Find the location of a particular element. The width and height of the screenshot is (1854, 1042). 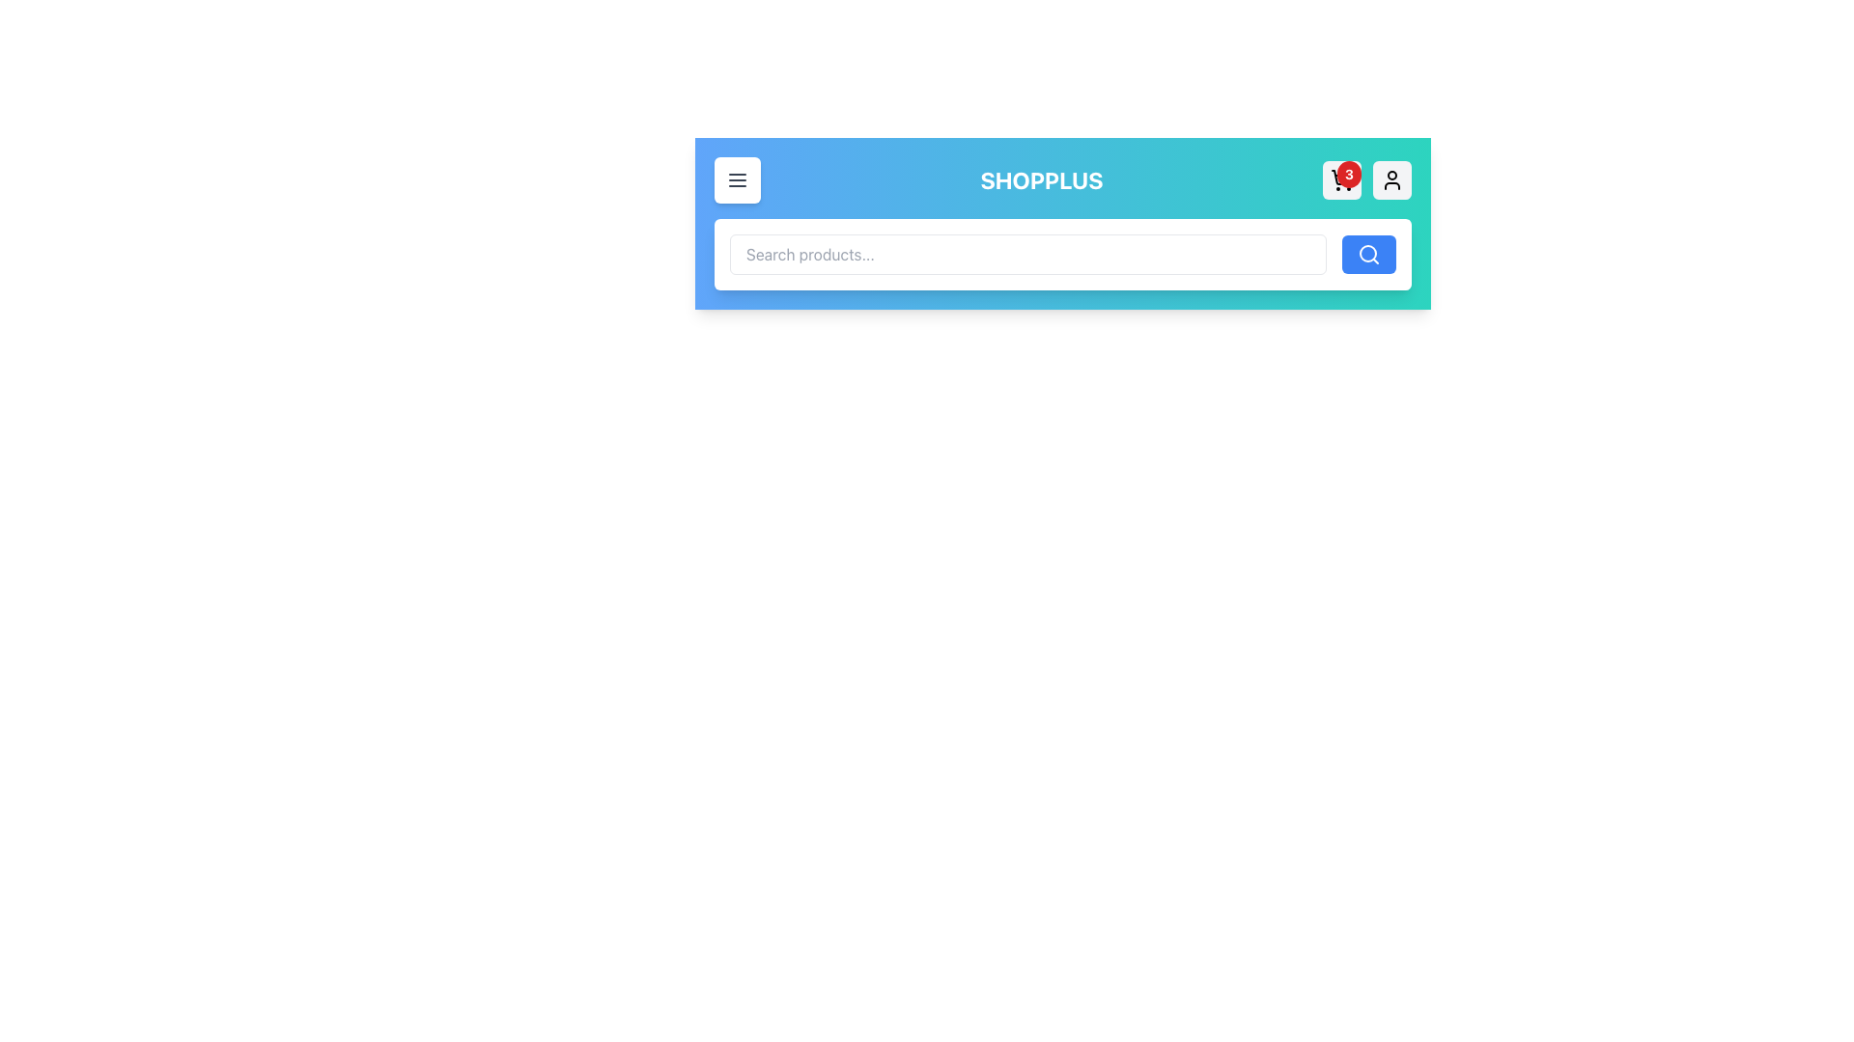

the inner circular part of the magnifying glass icon located inside the search bar near the right end is located at coordinates (1366, 252).